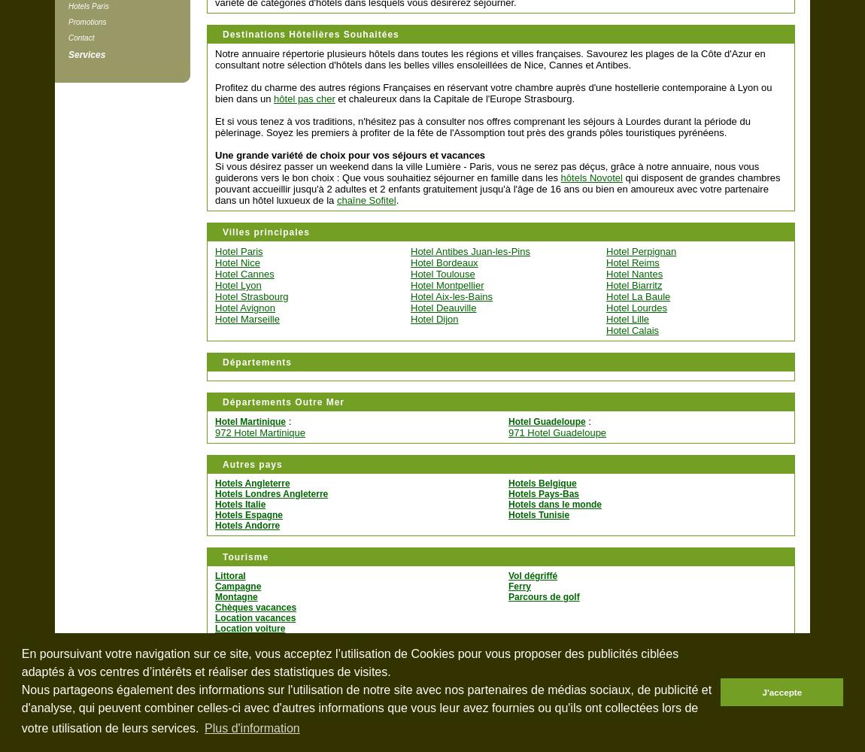 The height and width of the screenshot is (752, 865). I want to click on 'Montagne', so click(214, 597).